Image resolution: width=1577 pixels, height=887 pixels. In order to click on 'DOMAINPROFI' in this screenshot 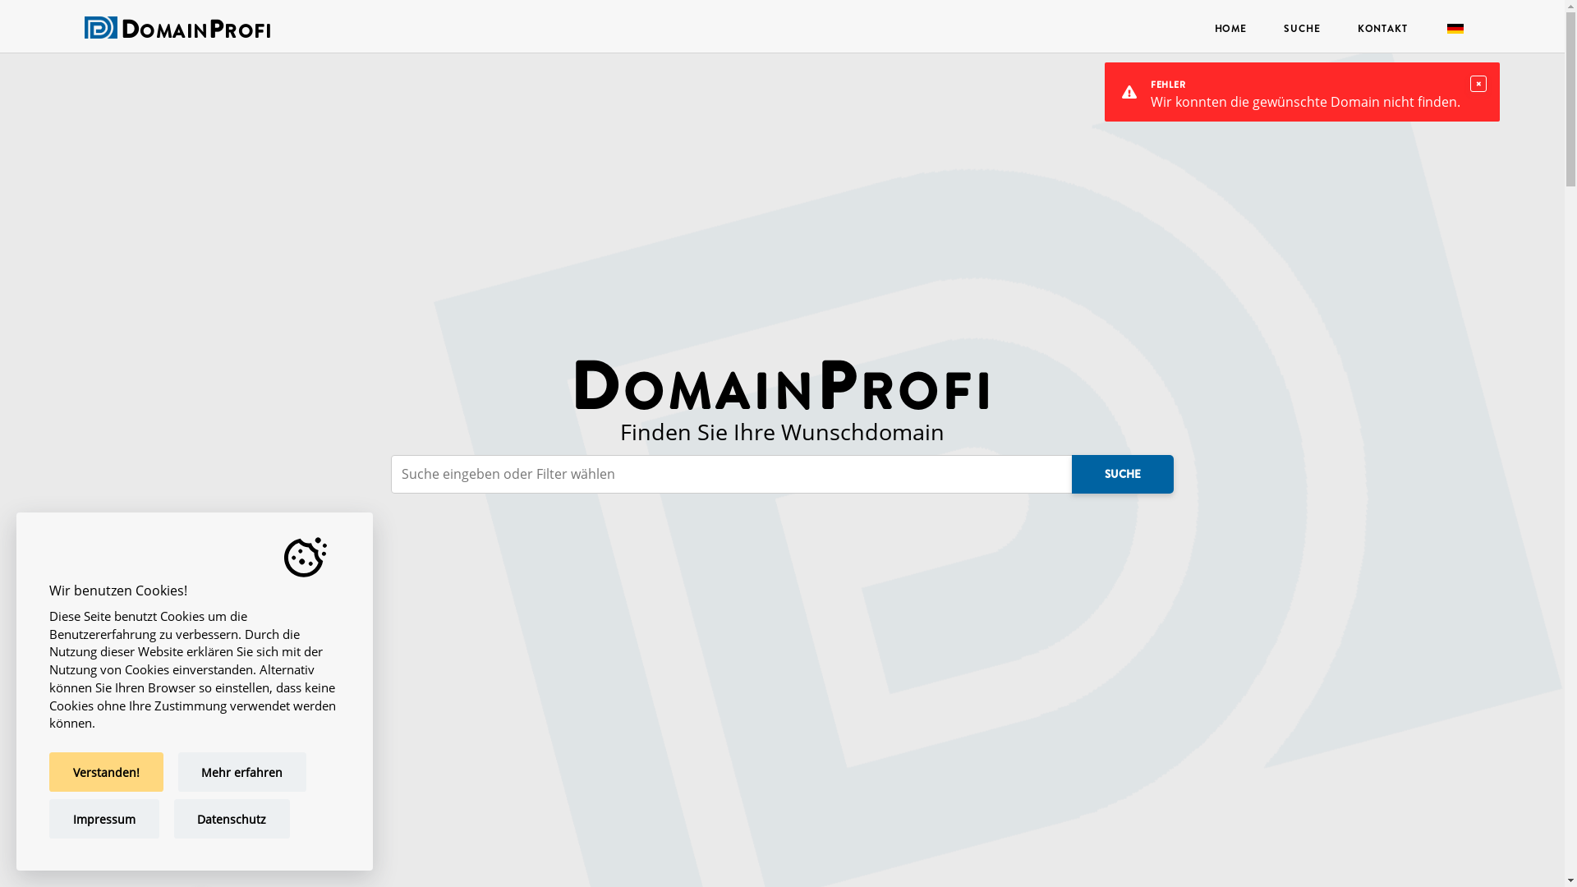, I will do `click(195, 32)`.